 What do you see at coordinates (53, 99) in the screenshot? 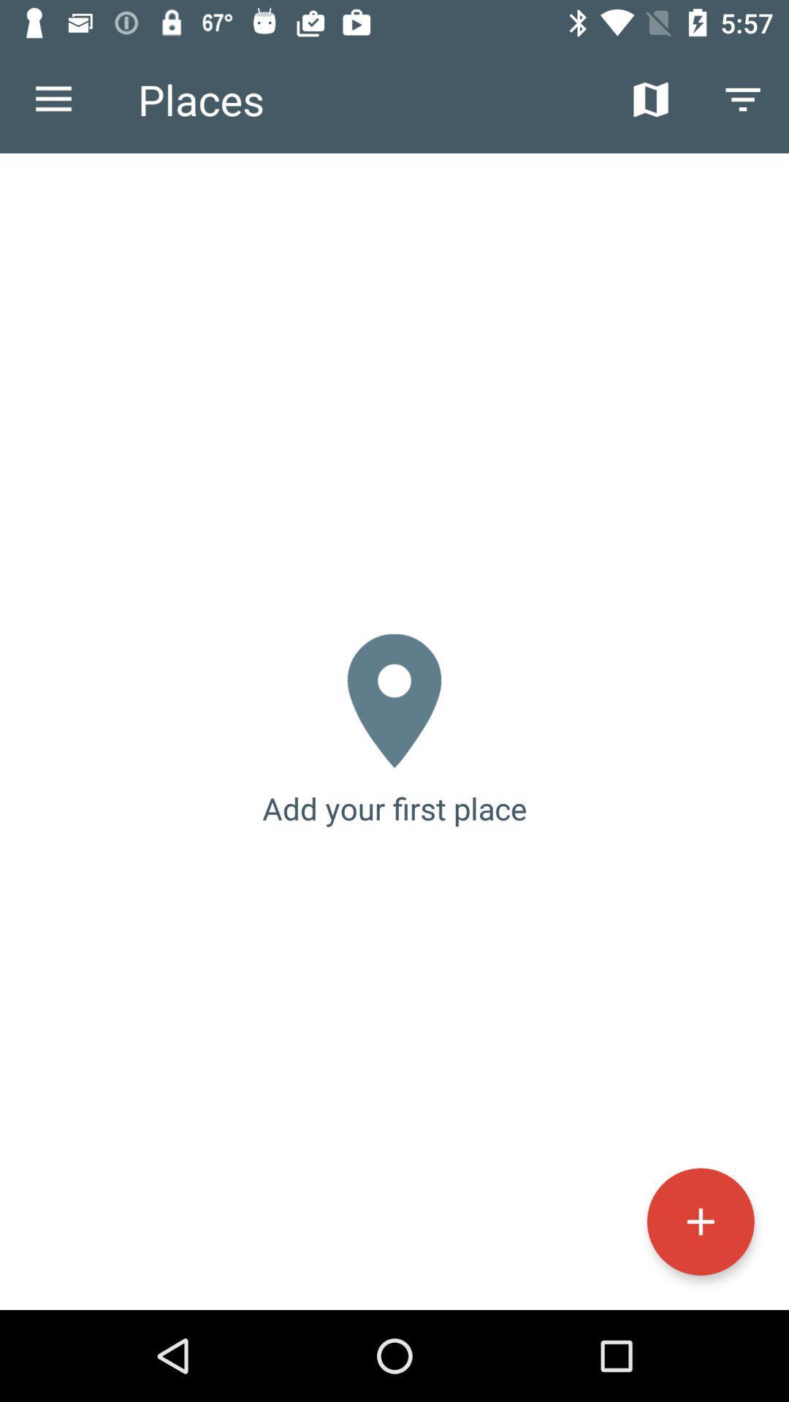
I see `the item next to the places` at bounding box center [53, 99].